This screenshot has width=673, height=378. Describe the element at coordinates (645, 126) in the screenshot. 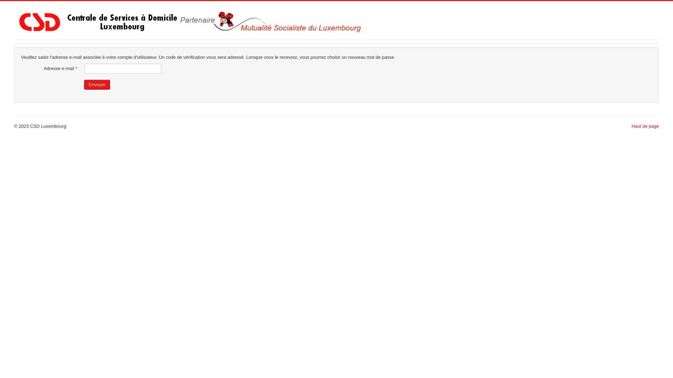

I see `'Haut de page'` at that location.